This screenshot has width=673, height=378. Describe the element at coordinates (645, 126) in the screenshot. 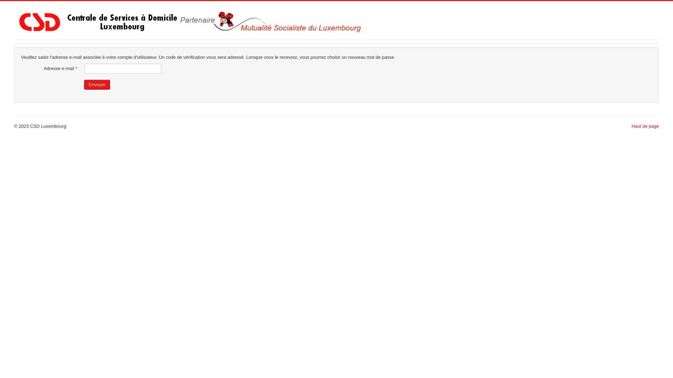

I see `'Haut de page'` at that location.